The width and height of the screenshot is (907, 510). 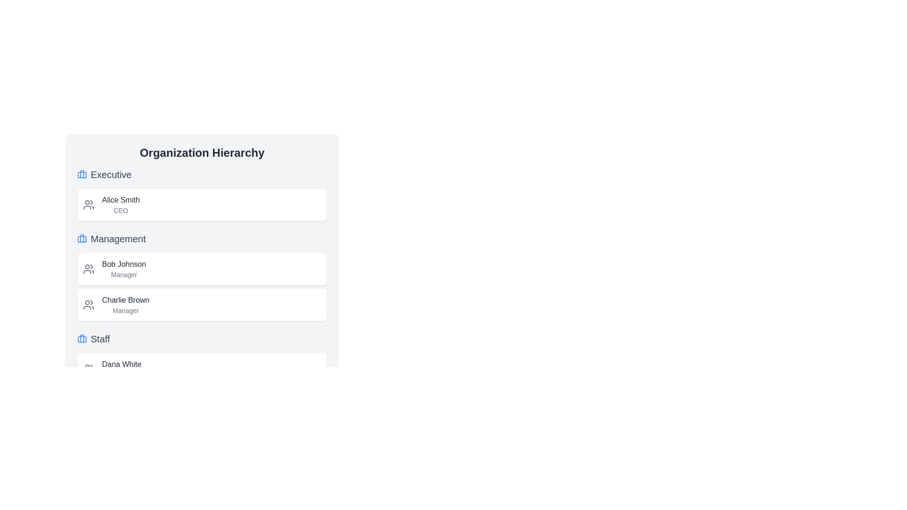 What do you see at coordinates (82, 175) in the screenshot?
I see `structure of the SVG rectangle component that represents the body of the suitcase icon next to the 'Executive' header in the 'Organization Hierarchy' component` at bounding box center [82, 175].